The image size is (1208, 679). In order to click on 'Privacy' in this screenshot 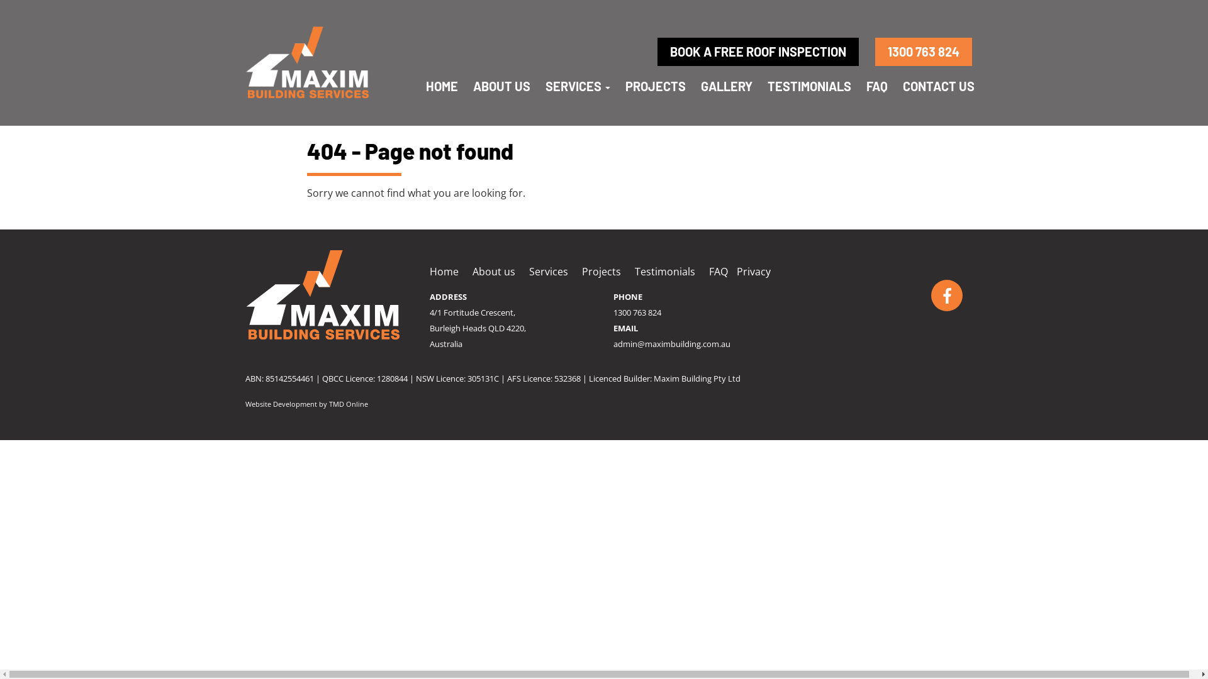, I will do `click(752, 271)`.